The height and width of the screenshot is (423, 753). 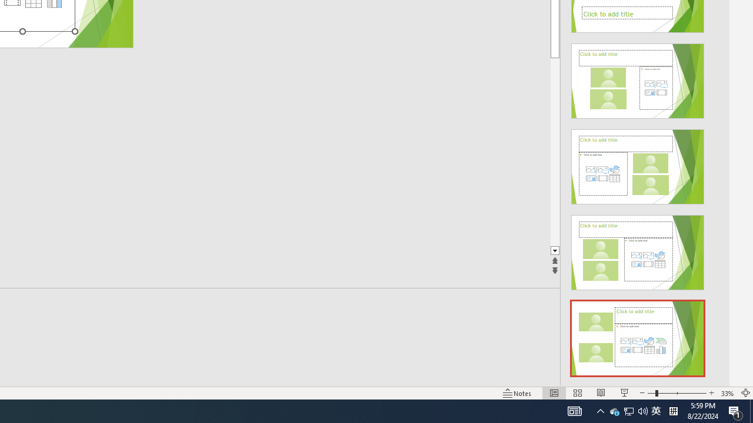 What do you see at coordinates (727, 393) in the screenshot?
I see `'Zoom 33%'` at bounding box center [727, 393].